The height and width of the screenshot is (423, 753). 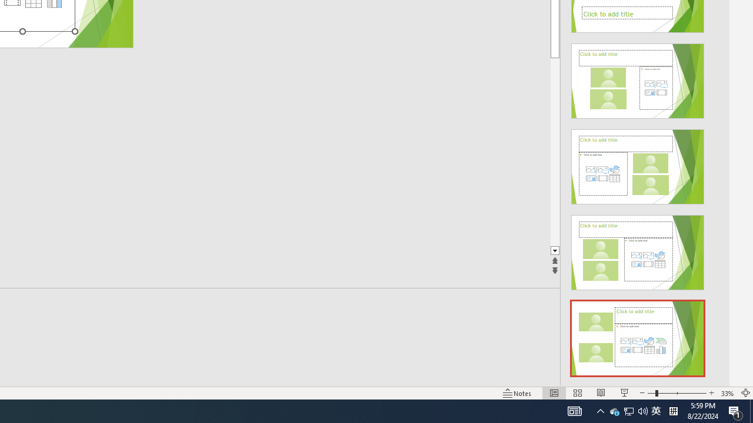 What do you see at coordinates (727, 393) in the screenshot?
I see `'Zoom 33%'` at bounding box center [727, 393].